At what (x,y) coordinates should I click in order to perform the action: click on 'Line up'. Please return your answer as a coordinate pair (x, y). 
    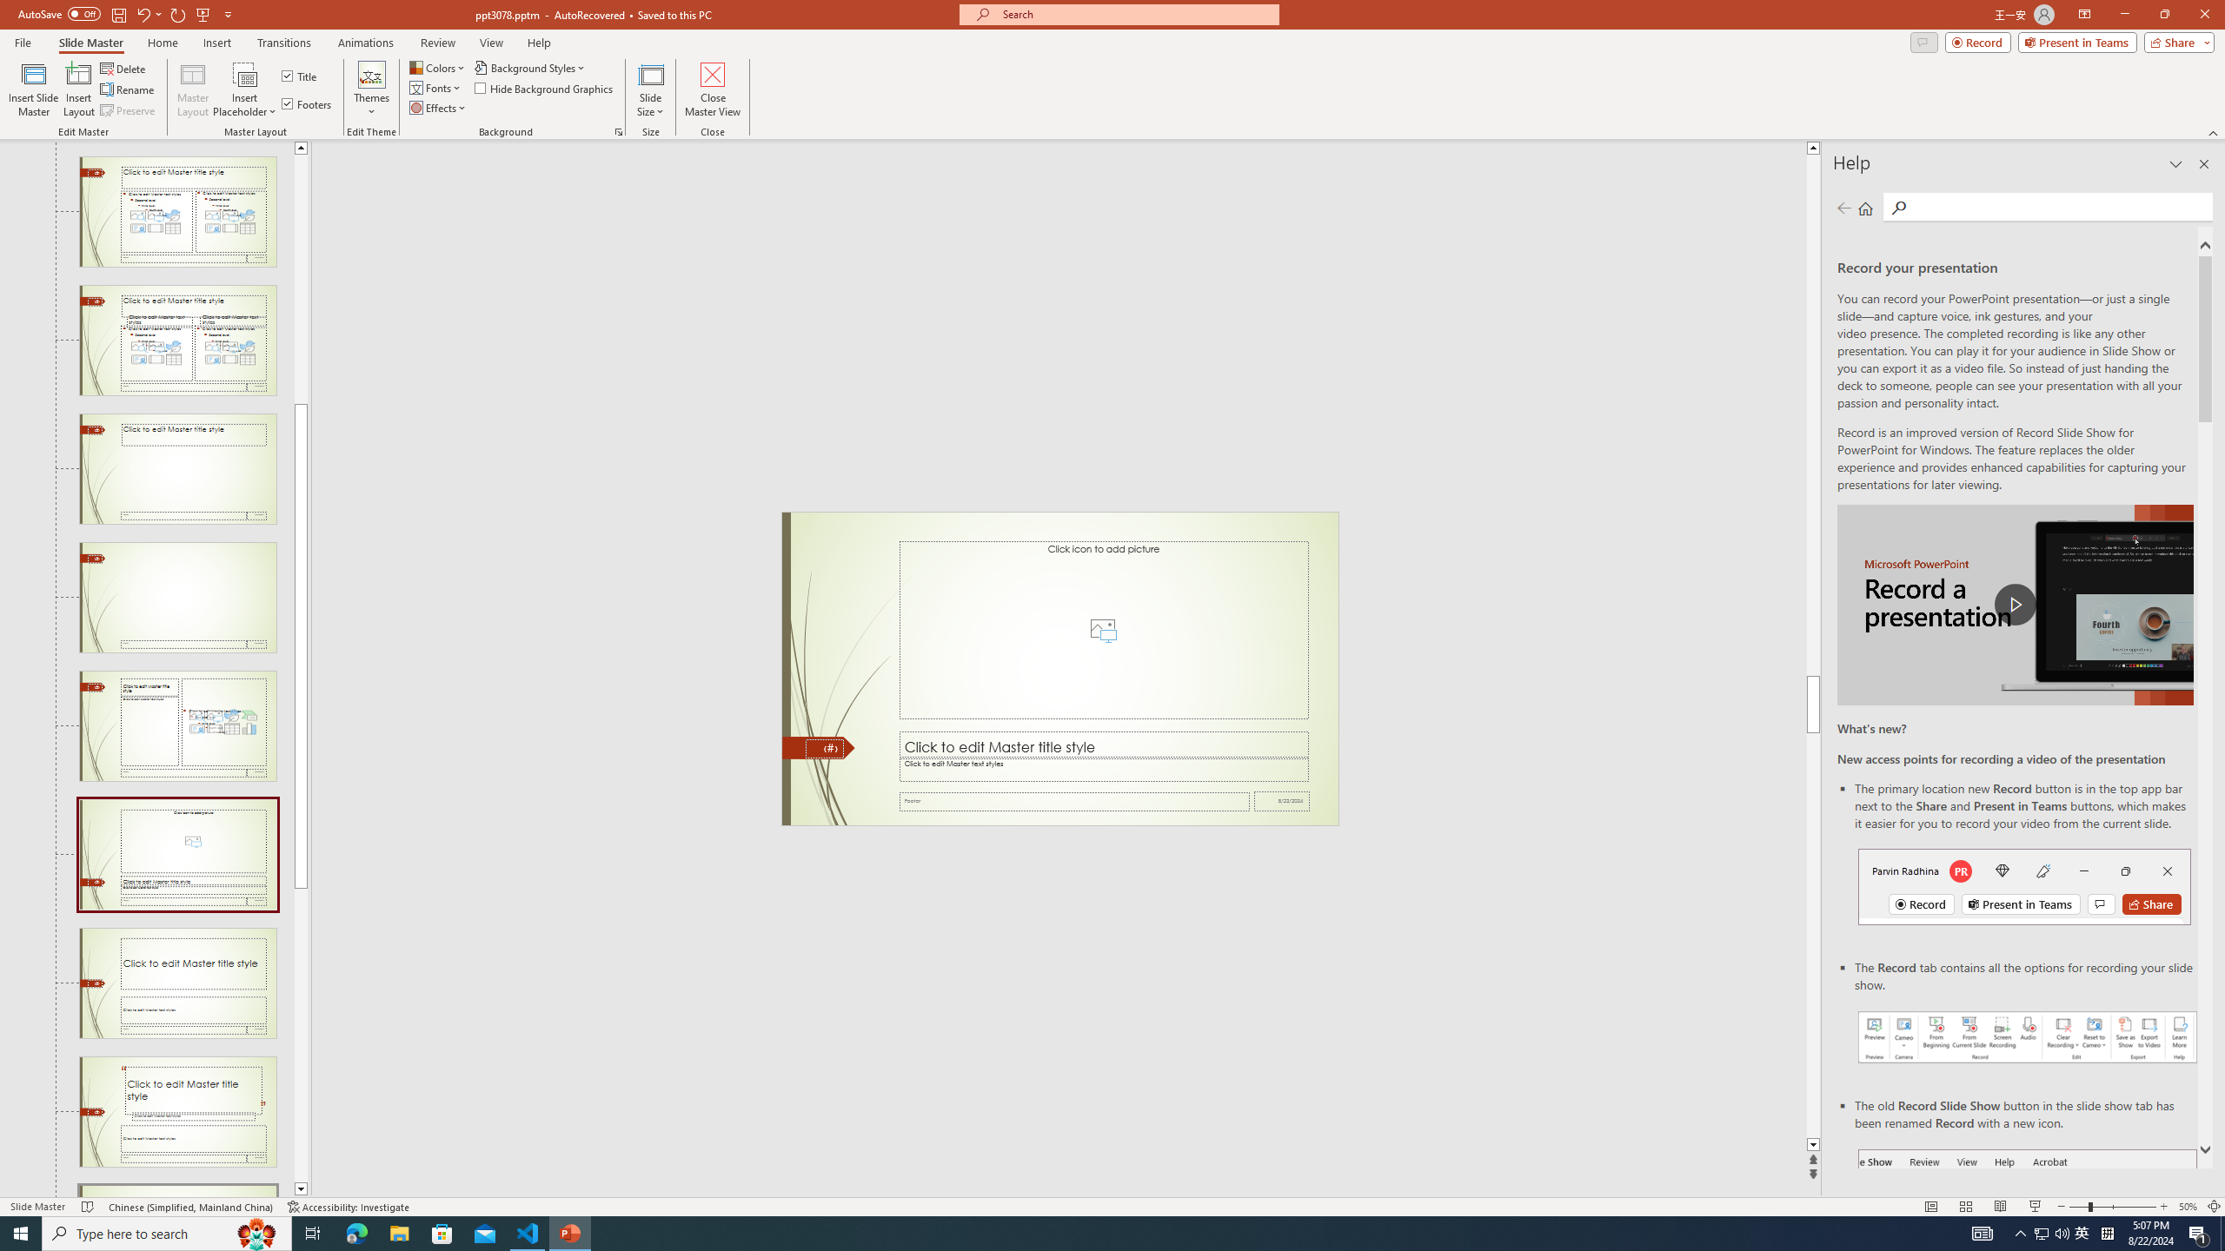
    Looking at the image, I should click on (301, 146).